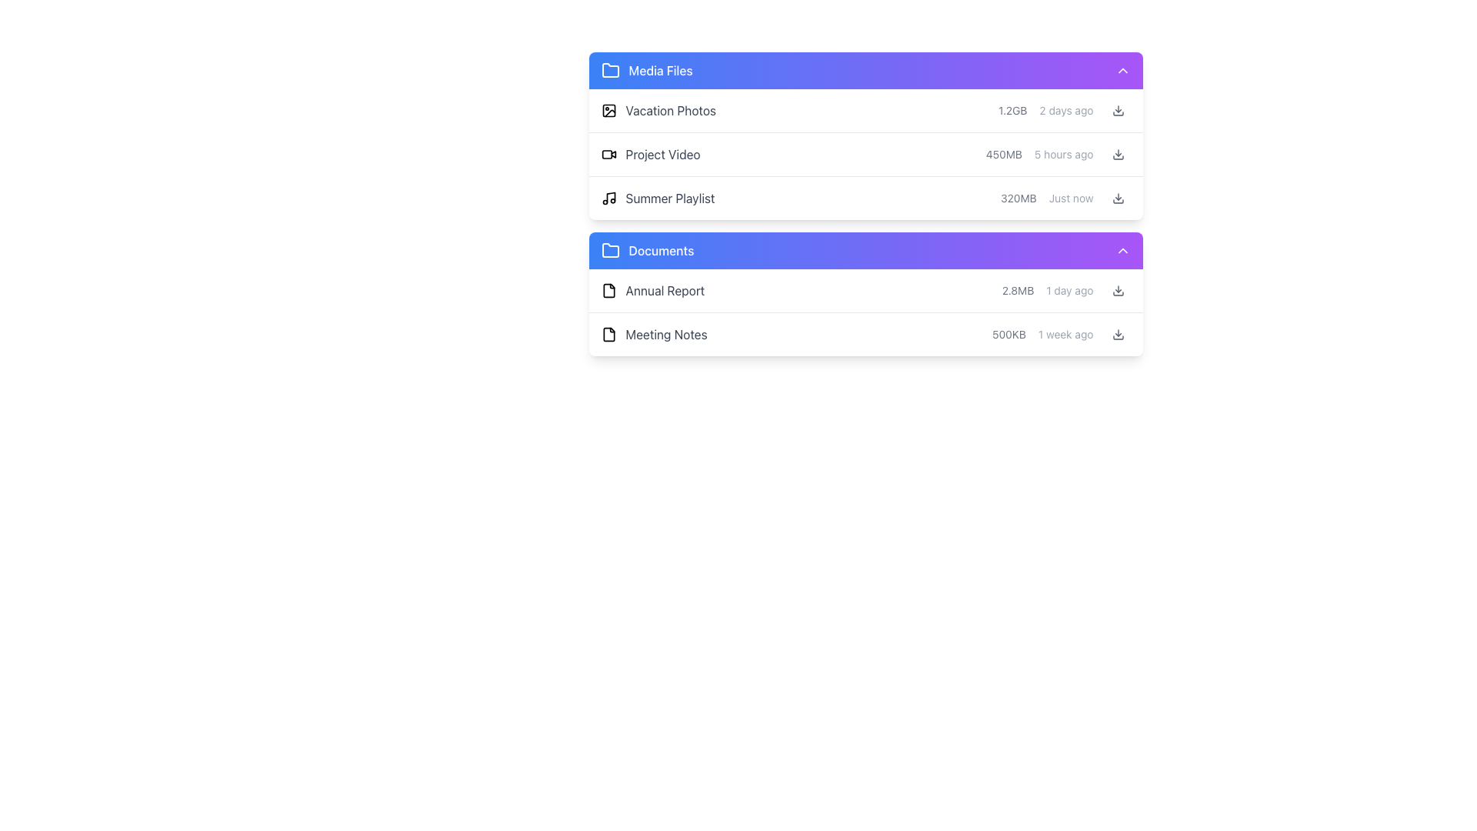 The image size is (1477, 831). Describe the element at coordinates (670, 198) in the screenshot. I see `on the bold text label 'Summer Playlist' which is styled in gray and located in the 'Media Files' section, positioned between 'Project Video' and 'Documents'` at that location.